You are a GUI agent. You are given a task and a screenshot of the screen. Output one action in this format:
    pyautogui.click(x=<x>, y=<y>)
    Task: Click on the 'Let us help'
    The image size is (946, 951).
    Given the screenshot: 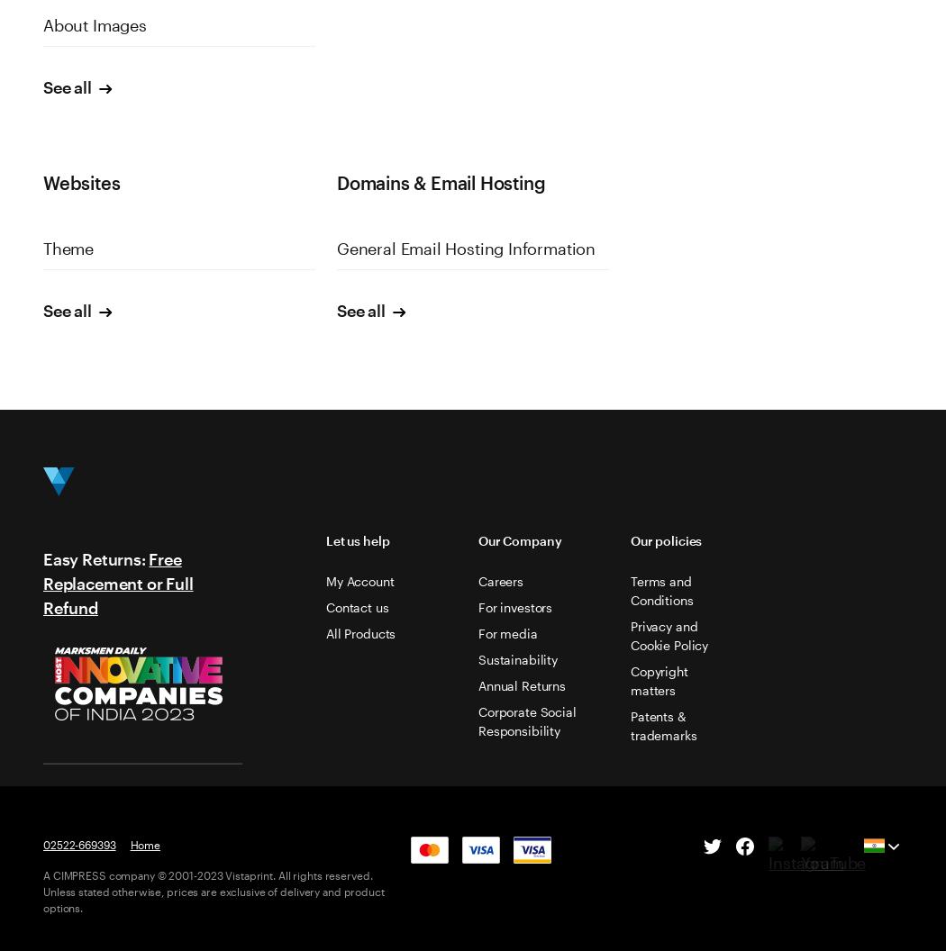 What is the action you would take?
    pyautogui.click(x=357, y=539)
    